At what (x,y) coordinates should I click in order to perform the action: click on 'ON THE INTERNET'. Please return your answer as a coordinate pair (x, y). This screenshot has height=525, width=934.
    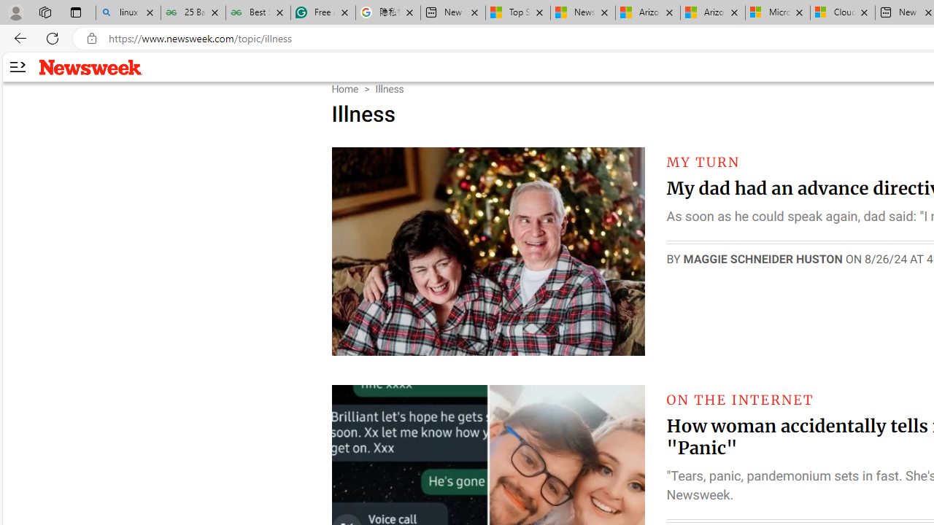
    Looking at the image, I should click on (740, 400).